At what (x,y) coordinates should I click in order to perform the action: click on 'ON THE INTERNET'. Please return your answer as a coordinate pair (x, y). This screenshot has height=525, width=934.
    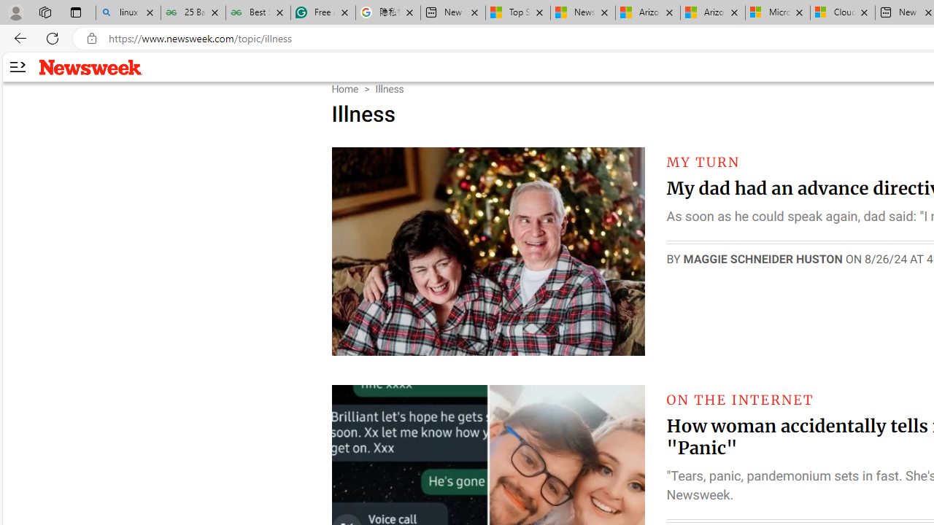
    Looking at the image, I should click on (740, 400).